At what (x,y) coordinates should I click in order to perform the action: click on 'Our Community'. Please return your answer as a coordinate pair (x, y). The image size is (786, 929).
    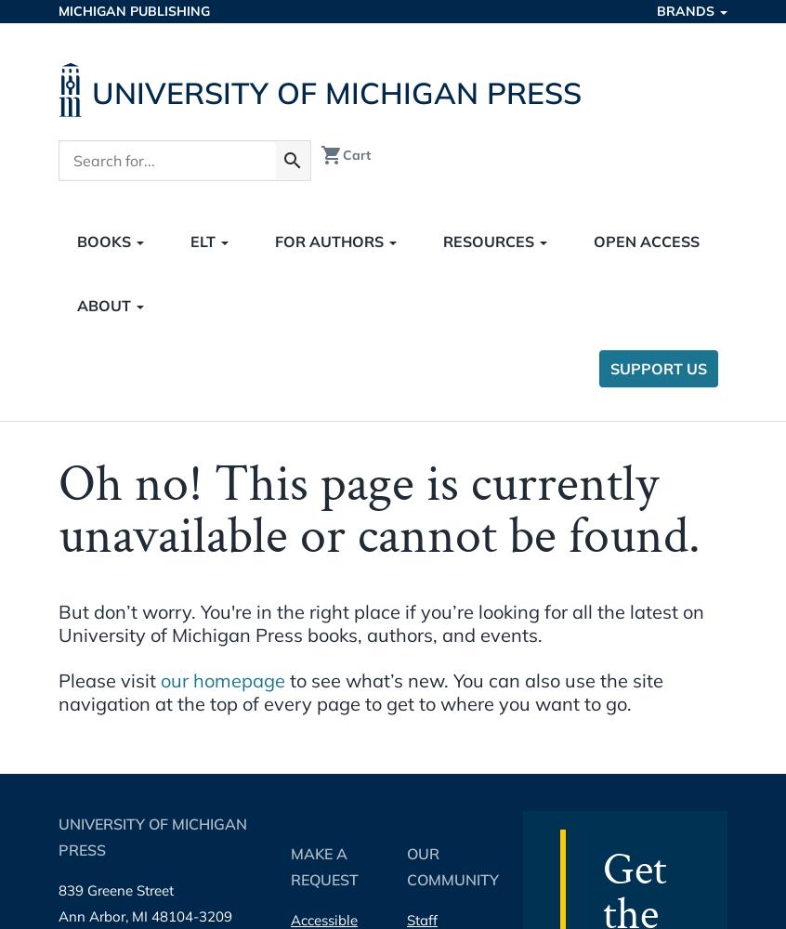
    Looking at the image, I should click on (452, 867).